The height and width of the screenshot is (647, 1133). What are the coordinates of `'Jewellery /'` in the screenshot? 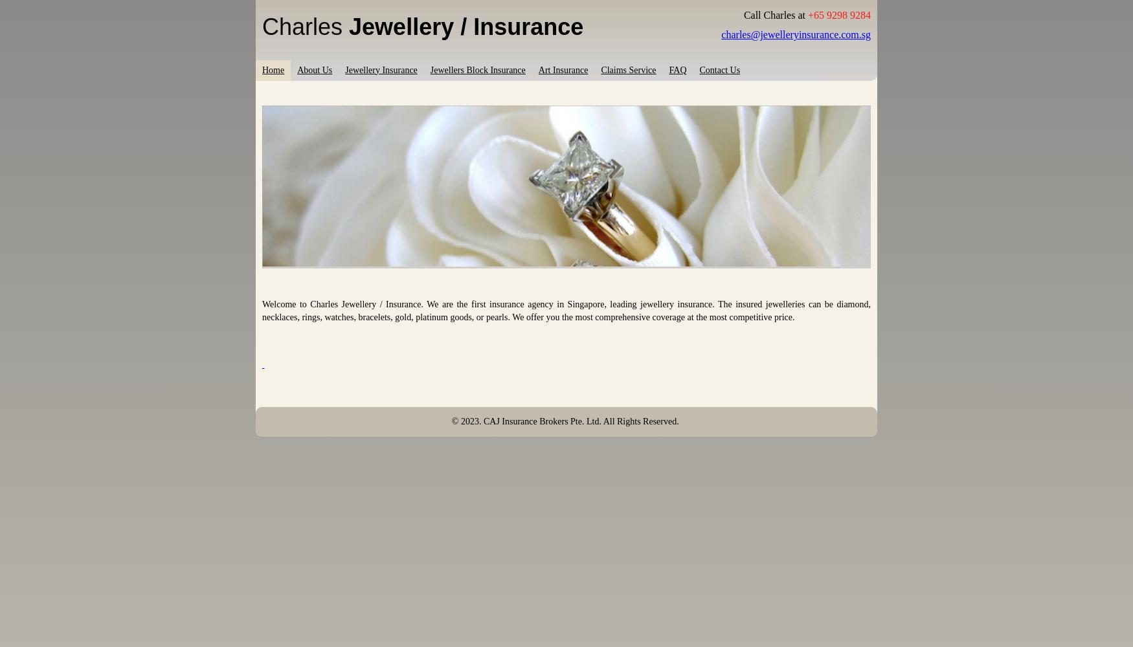 It's located at (410, 26).